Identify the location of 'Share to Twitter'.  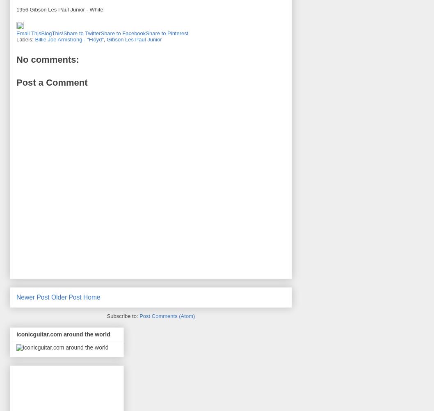
(82, 33).